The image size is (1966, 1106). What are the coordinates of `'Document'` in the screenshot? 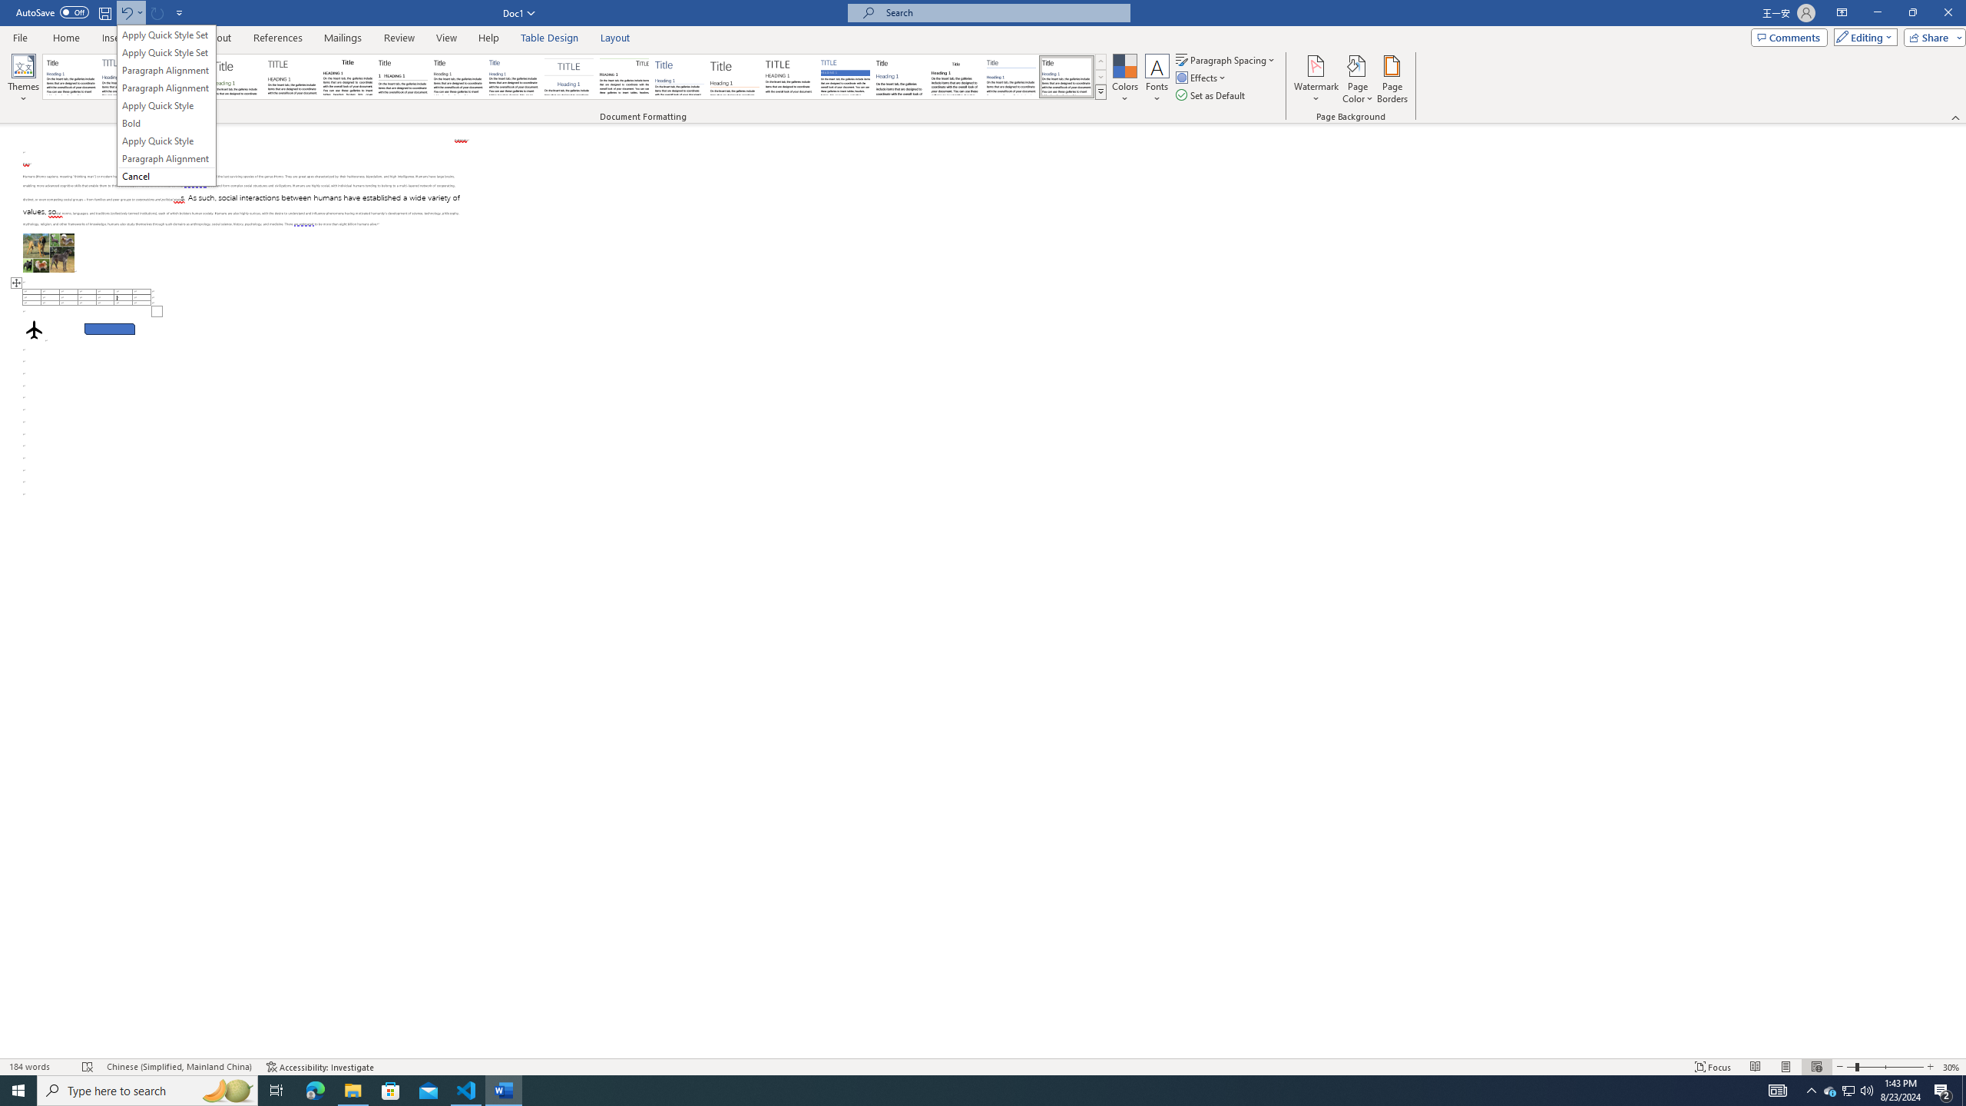 It's located at (70, 76).